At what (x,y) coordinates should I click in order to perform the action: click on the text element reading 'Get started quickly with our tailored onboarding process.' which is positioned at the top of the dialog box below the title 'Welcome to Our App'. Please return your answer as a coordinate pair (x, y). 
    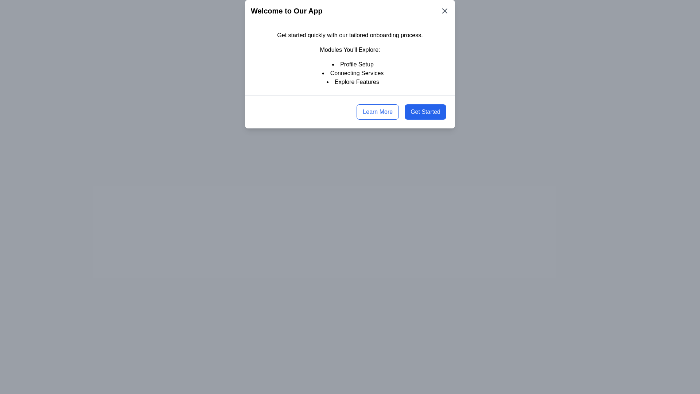
    Looking at the image, I should click on (350, 35).